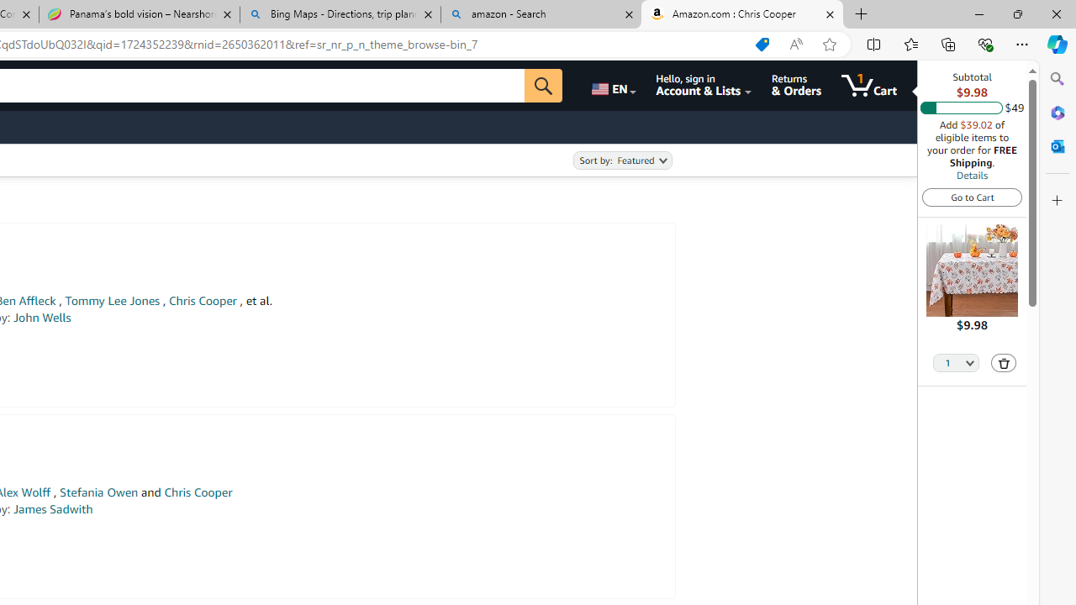 Image resolution: width=1076 pixels, height=605 pixels. Describe the element at coordinates (972, 175) in the screenshot. I see `'Details'` at that location.